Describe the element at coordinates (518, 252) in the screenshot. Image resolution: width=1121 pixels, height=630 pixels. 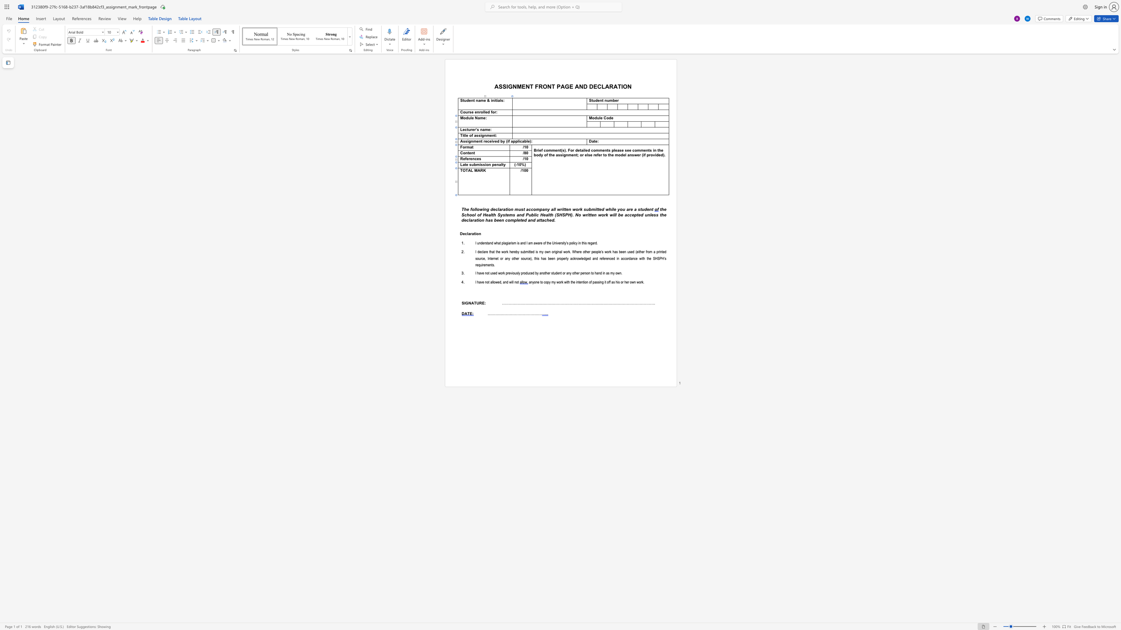
I see `the 1th character "y" in the text` at that location.